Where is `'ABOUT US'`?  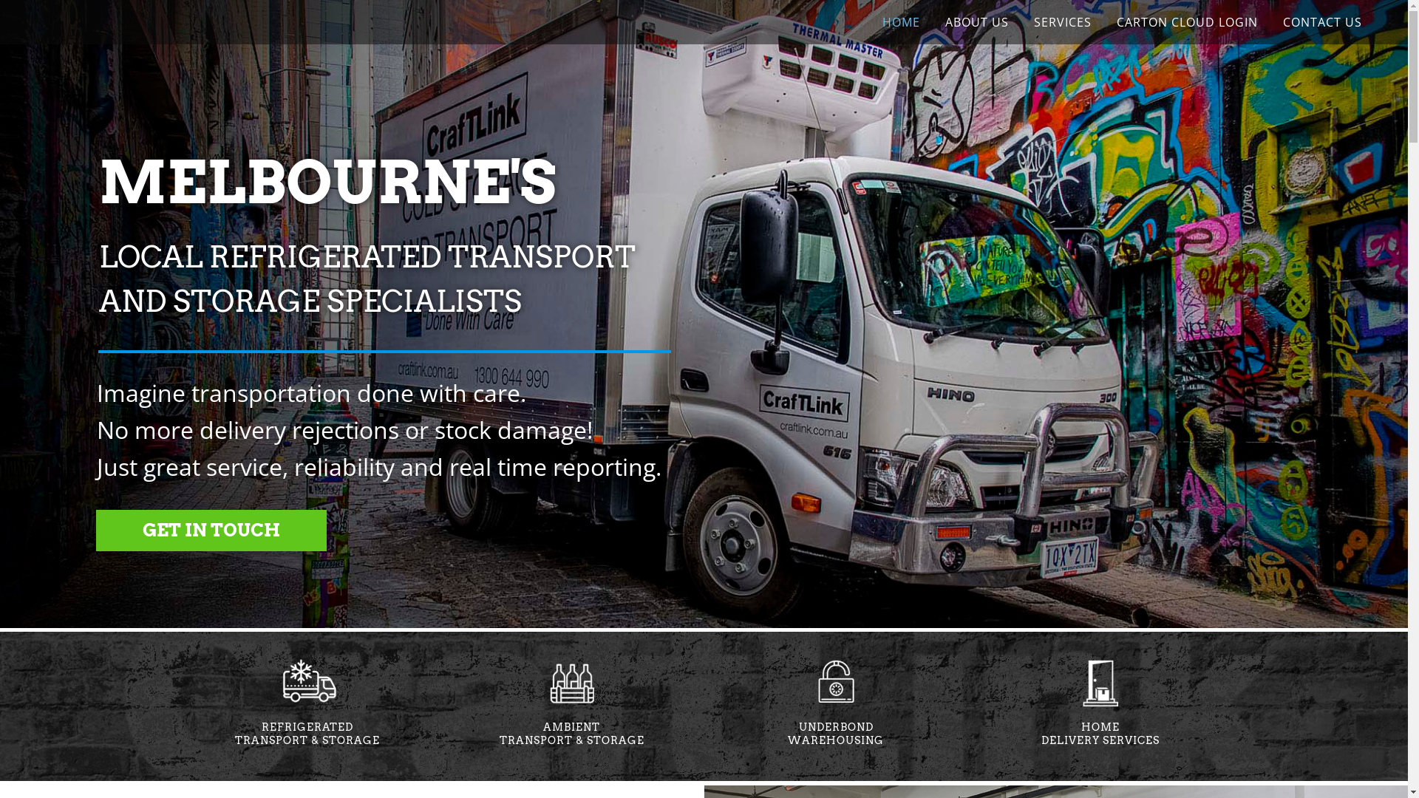 'ABOUT US' is located at coordinates (932, 22).